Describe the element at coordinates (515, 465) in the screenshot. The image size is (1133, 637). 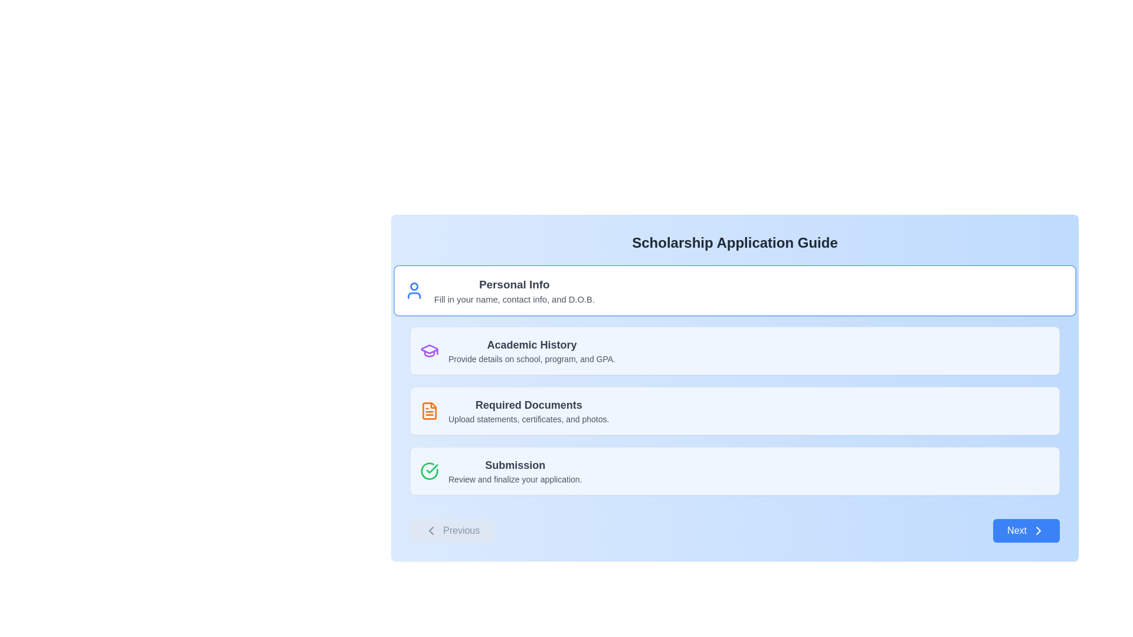
I see `the 'Submission' text element, which is bold and large, gray in color, and located below the 'Required Documents' section in the fourth step of the vertical list` at that location.